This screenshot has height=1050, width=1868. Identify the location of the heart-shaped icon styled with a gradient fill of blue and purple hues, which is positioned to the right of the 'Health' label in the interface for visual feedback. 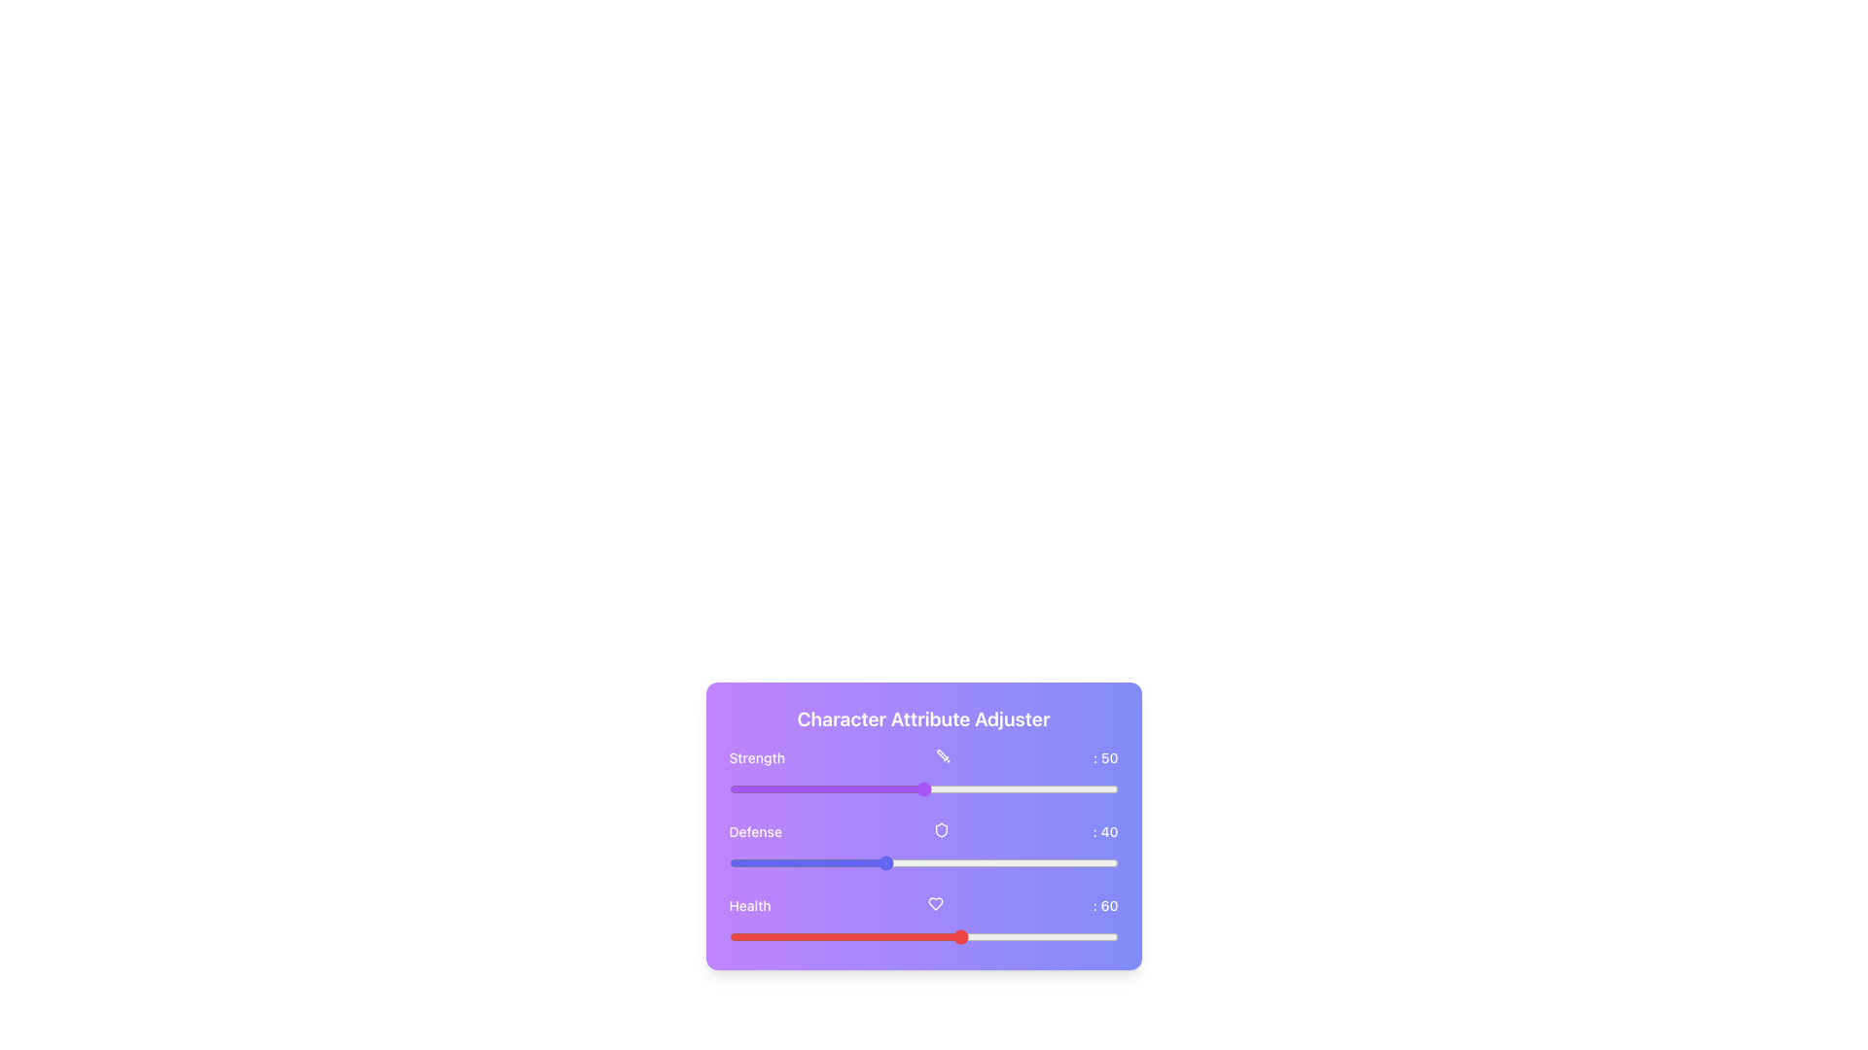
(936, 903).